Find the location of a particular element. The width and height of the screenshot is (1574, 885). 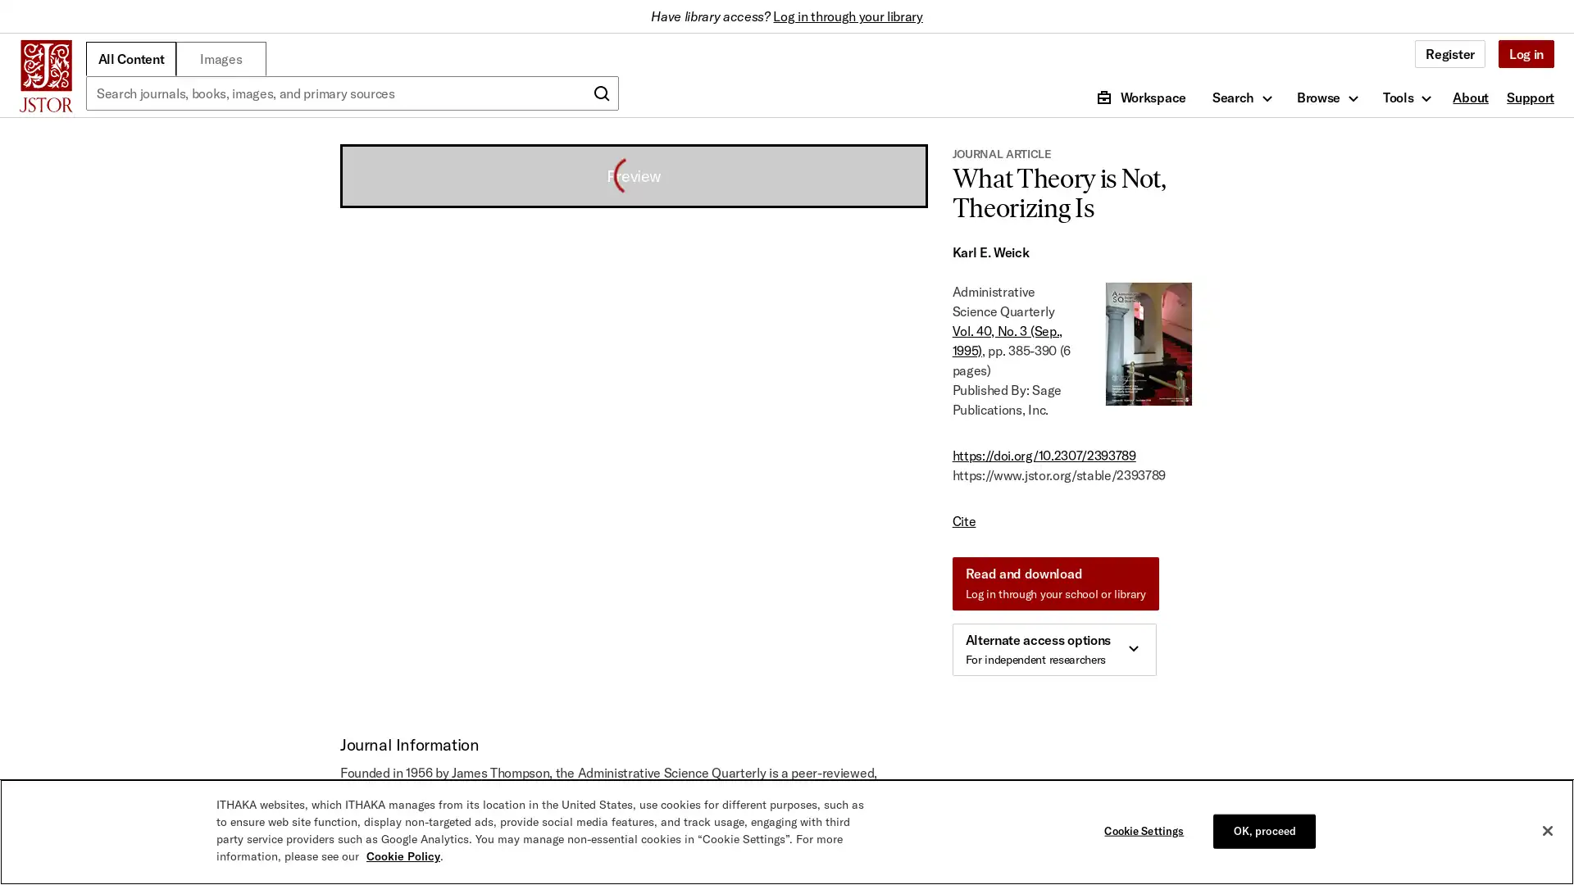

OK, proceed is located at coordinates (1263, 831).